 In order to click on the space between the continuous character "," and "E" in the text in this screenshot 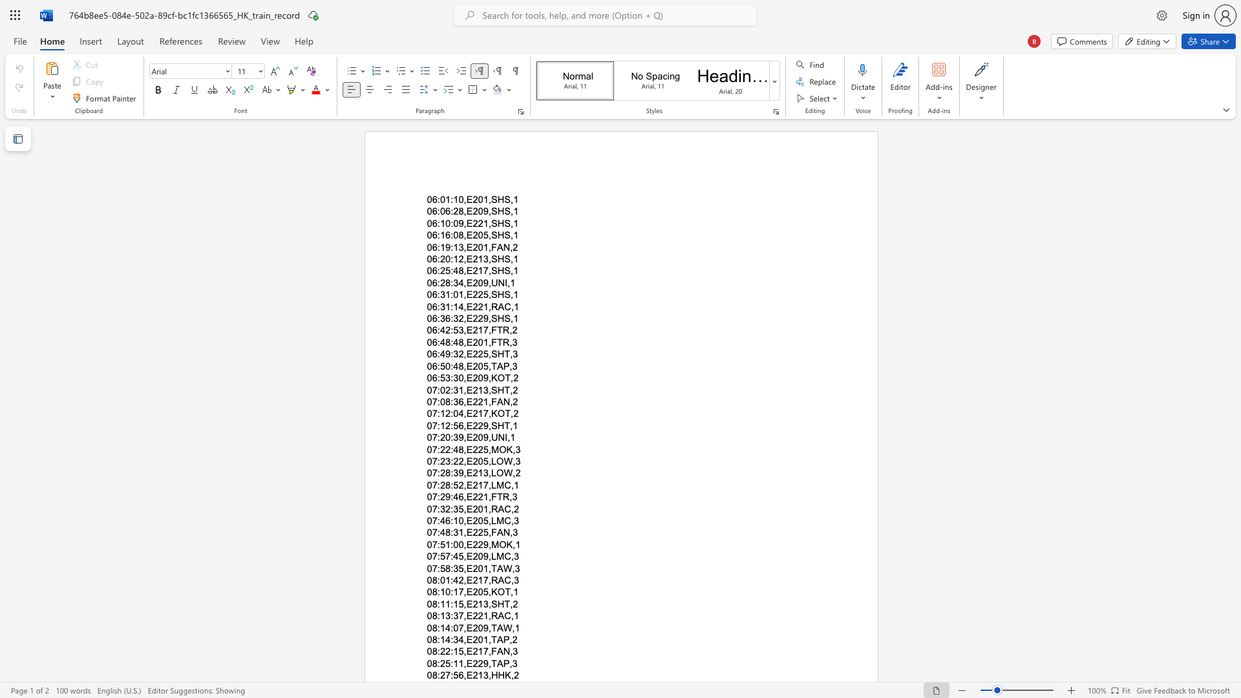, I will do `click(467, 520)`.